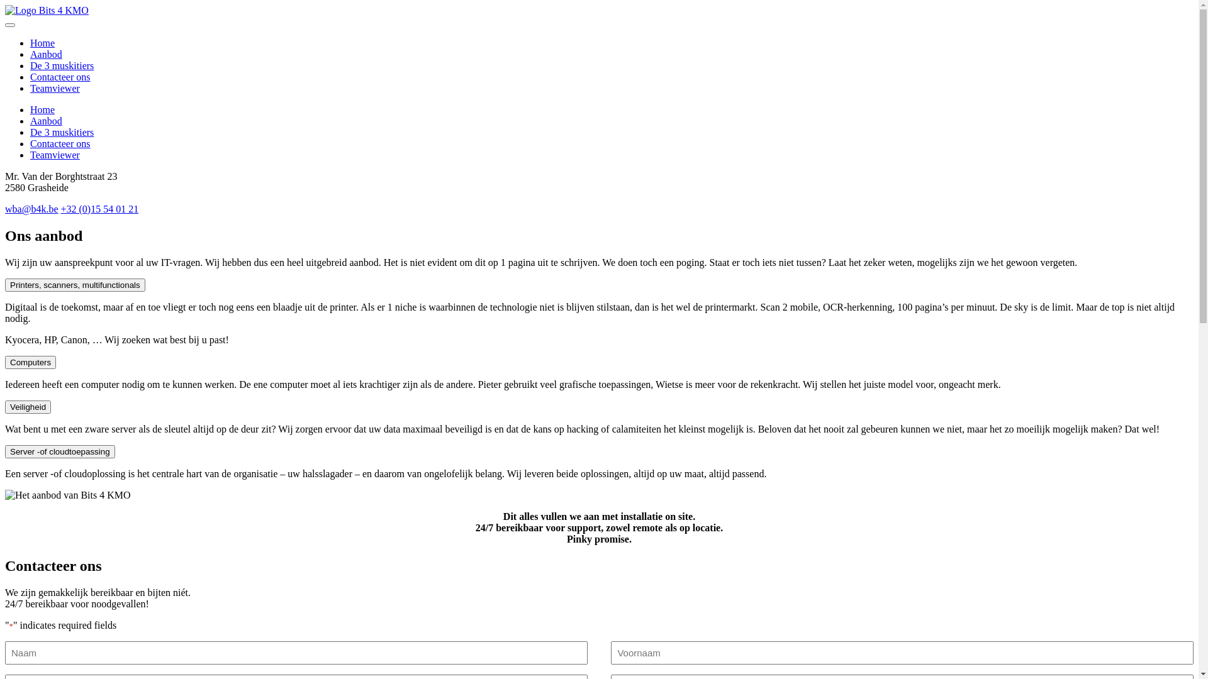 The height and width of the screenshot is (679, 1208). What do you see at coordinates (54, 87) in the screenshot?
I see `'Teamviewer'` at bounding box center [54, 87].